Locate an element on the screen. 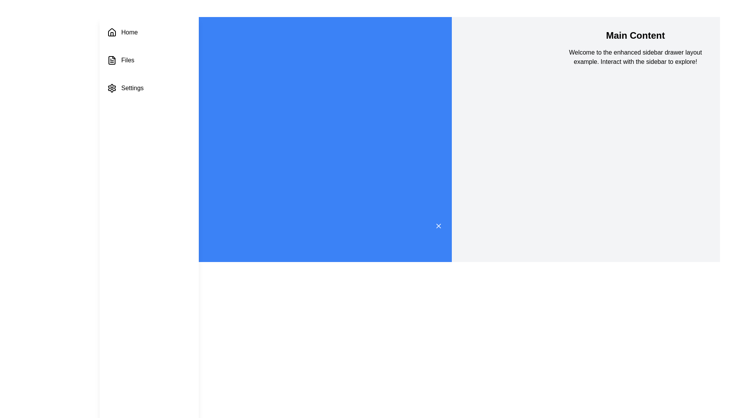 Image resolution: width=744 pixels, height=418 pixels. the 'Main Content' header to focus on it is located at coordinates (635, 36).